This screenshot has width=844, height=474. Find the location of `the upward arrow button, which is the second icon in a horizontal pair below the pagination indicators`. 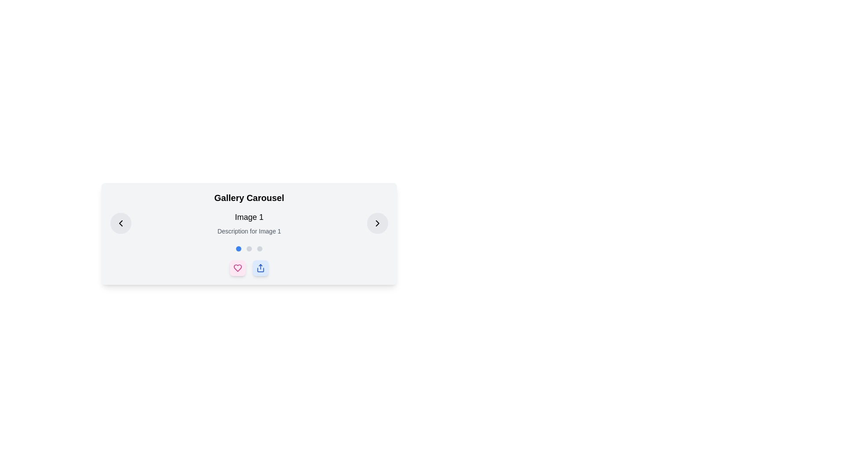

the upward arrow button, which is the second icon in a horizontal pair below the pagination indicators is located at coordinates (260, 267).